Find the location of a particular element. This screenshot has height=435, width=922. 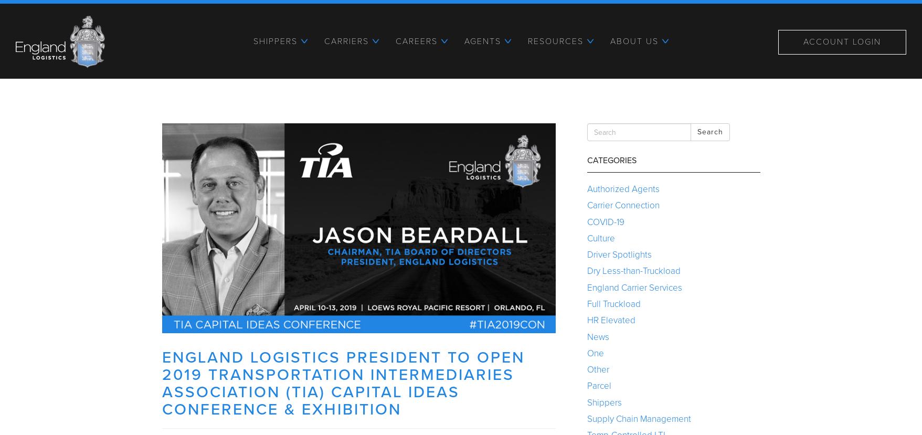

'Account Login' is located at coordinates (842, 41).